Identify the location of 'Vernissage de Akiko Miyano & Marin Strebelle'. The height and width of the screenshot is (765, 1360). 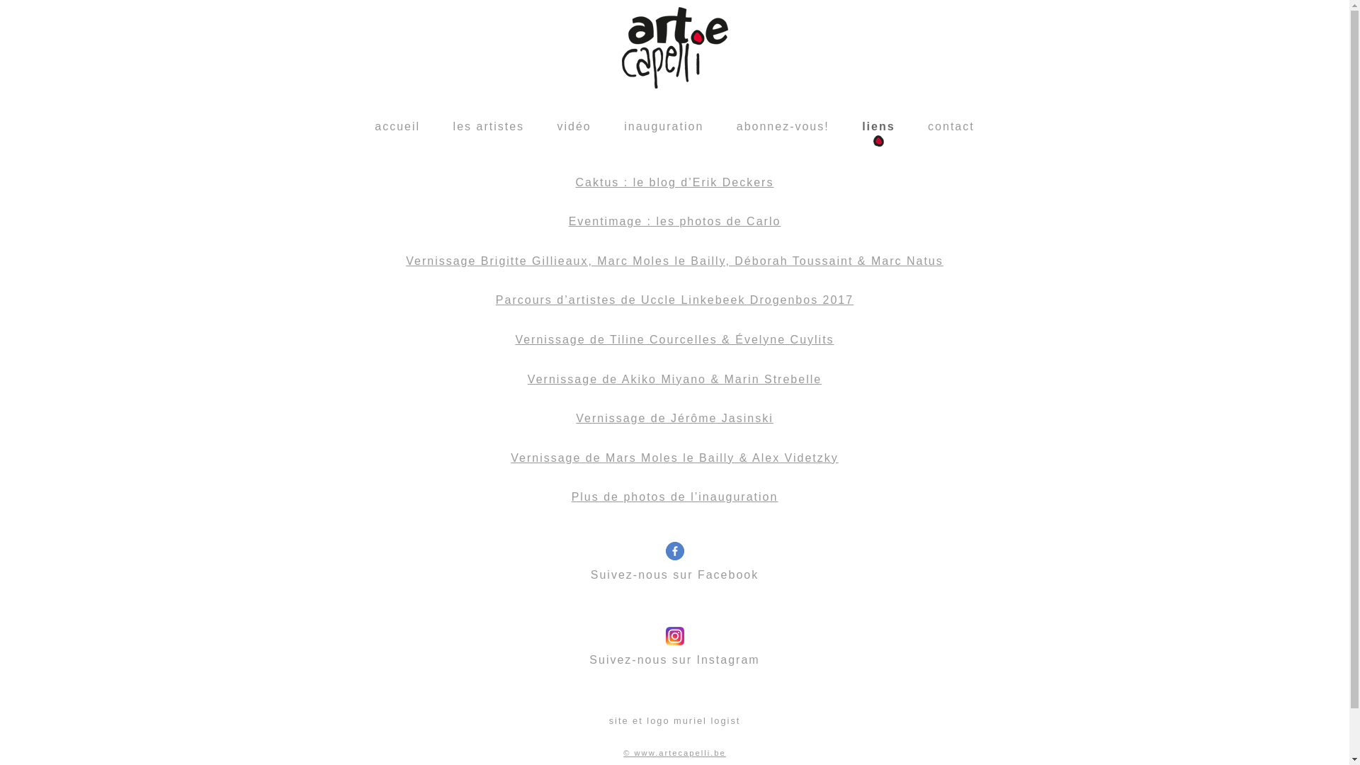
(526, 378).